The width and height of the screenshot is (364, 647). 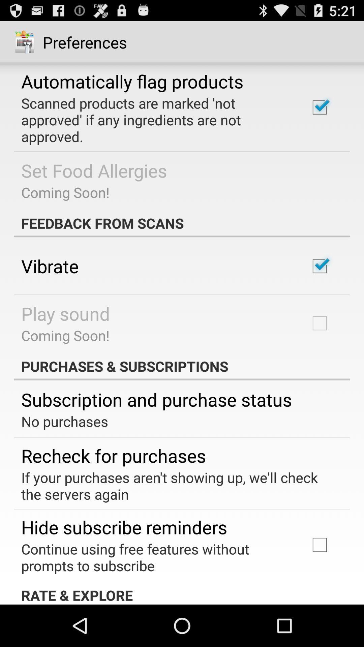 What do you see at coordinates (50, 266) in the screenshot?
I see `vibrate icon` at bounding box center [50, 266].